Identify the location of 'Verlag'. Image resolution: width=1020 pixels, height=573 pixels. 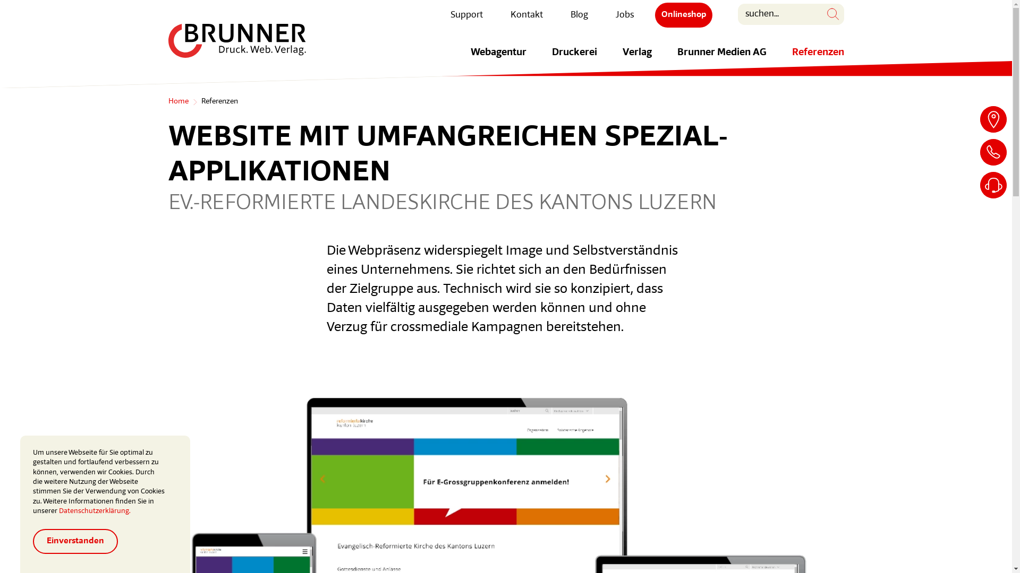
(637, 59).